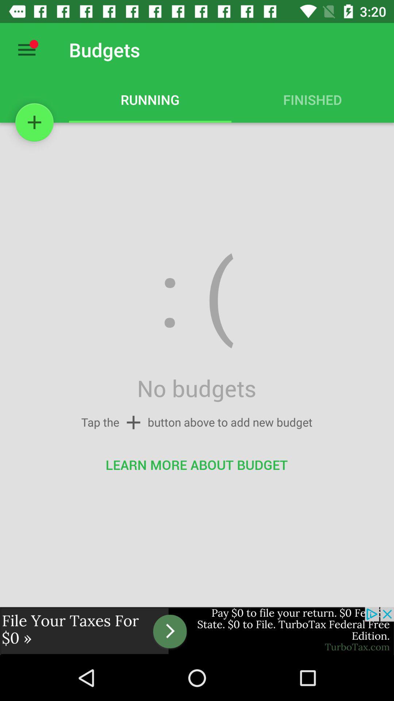 The image size is (394, 701). What do you see at coordinates (197, 631) in the screenshot?
I see `go forward` at bounding box center [197, 631].